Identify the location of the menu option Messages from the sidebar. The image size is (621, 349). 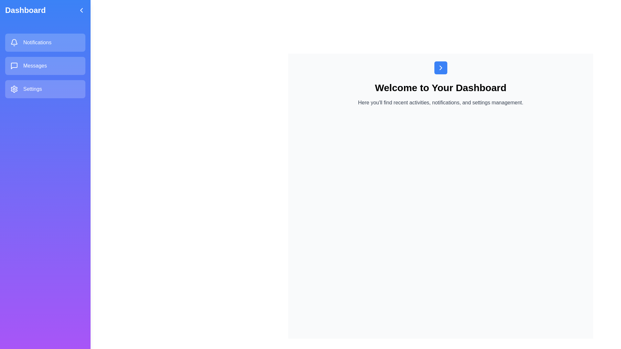
(45, 66).